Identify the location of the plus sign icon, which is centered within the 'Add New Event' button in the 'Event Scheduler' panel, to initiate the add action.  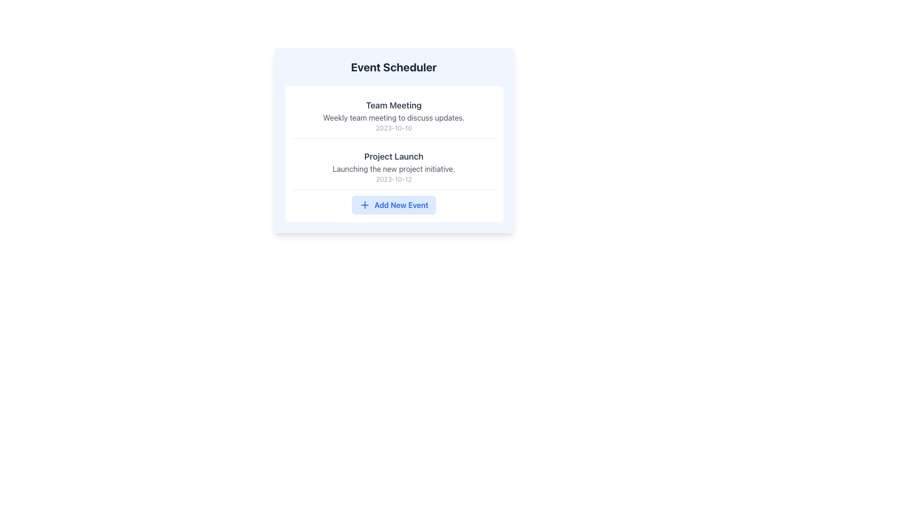
(365, 204).